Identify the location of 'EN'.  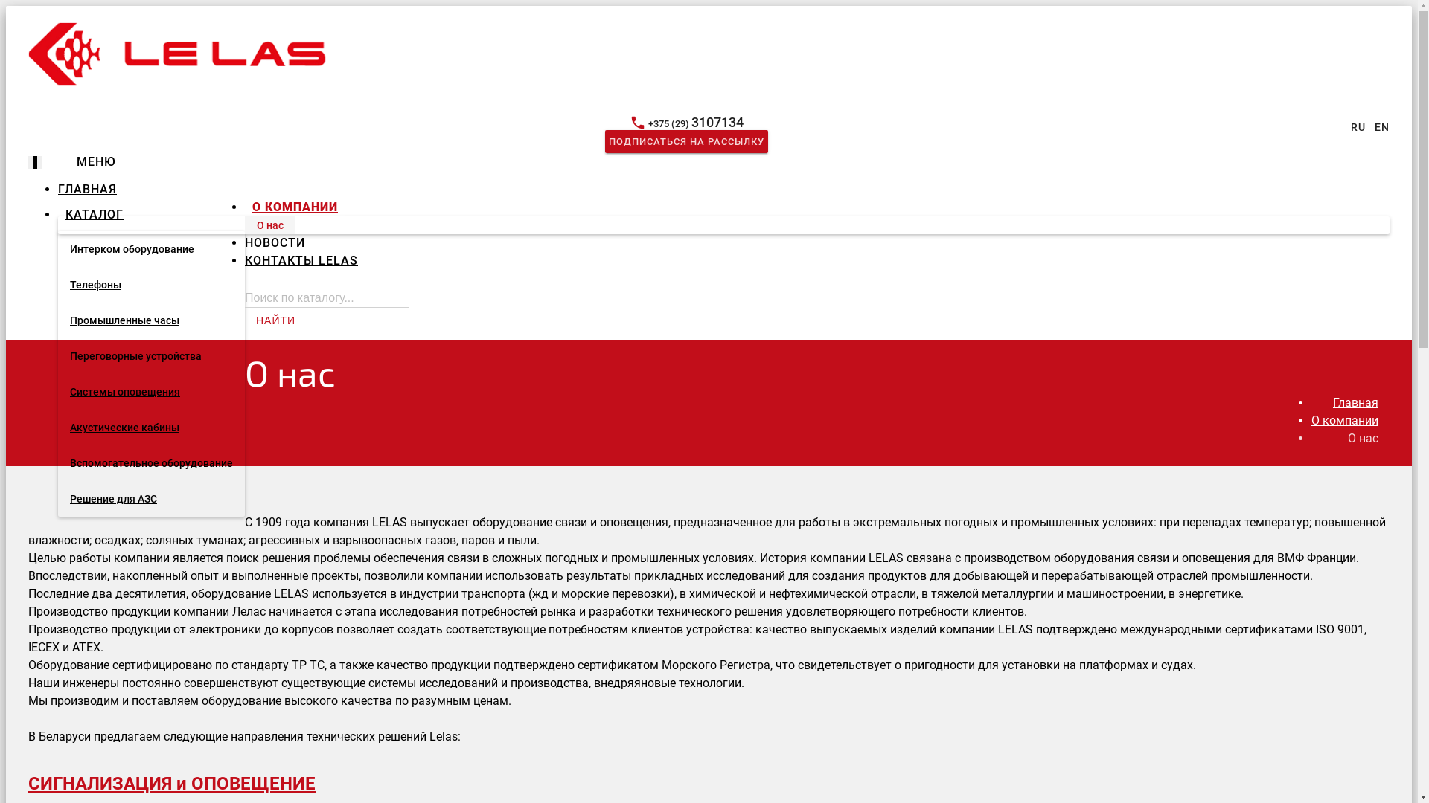
(1381, 126).